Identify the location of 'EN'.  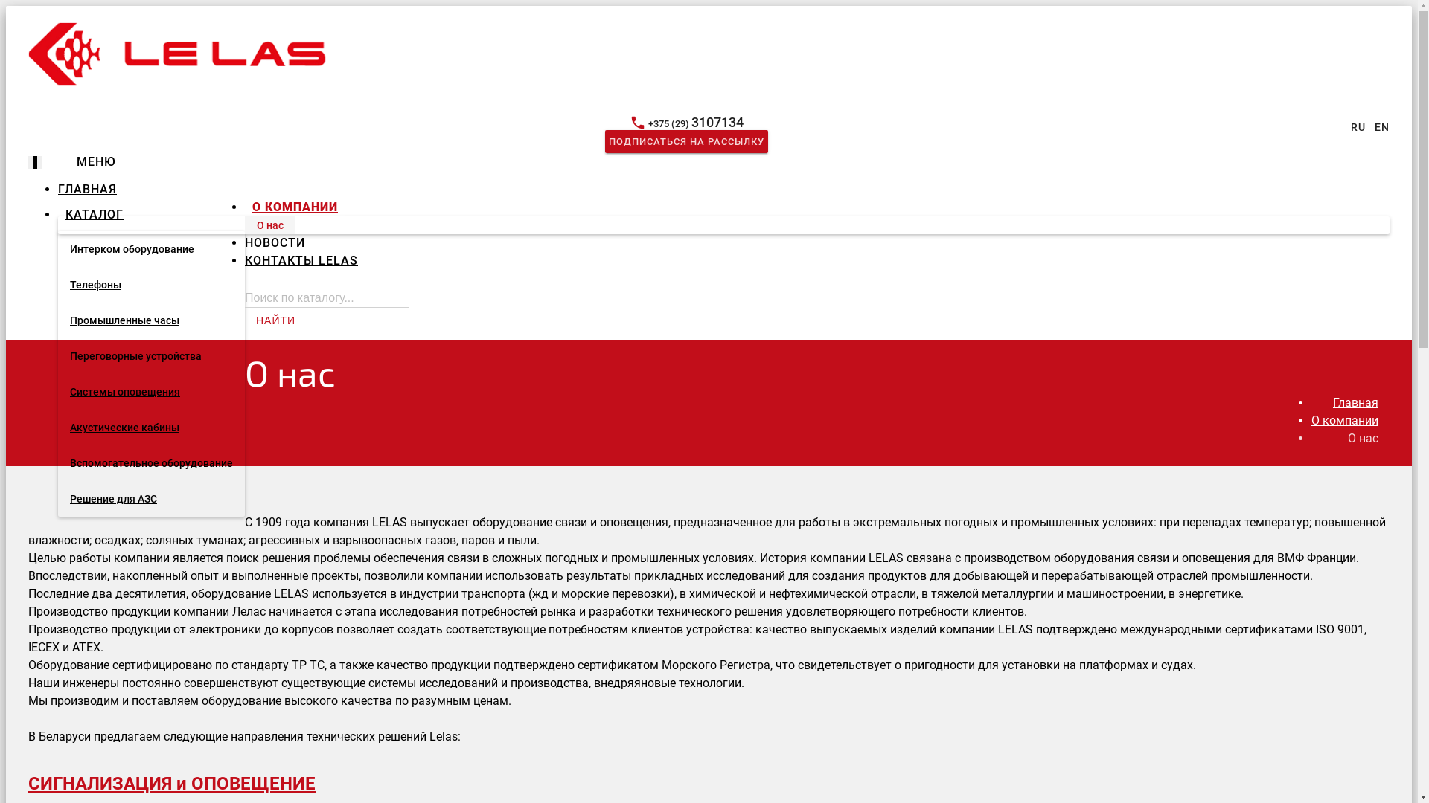
(1381, 126).